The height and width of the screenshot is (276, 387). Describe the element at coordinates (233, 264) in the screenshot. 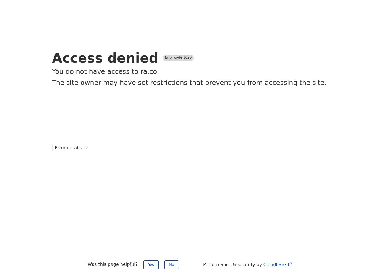

I see `'Performance & security by'` at that location.